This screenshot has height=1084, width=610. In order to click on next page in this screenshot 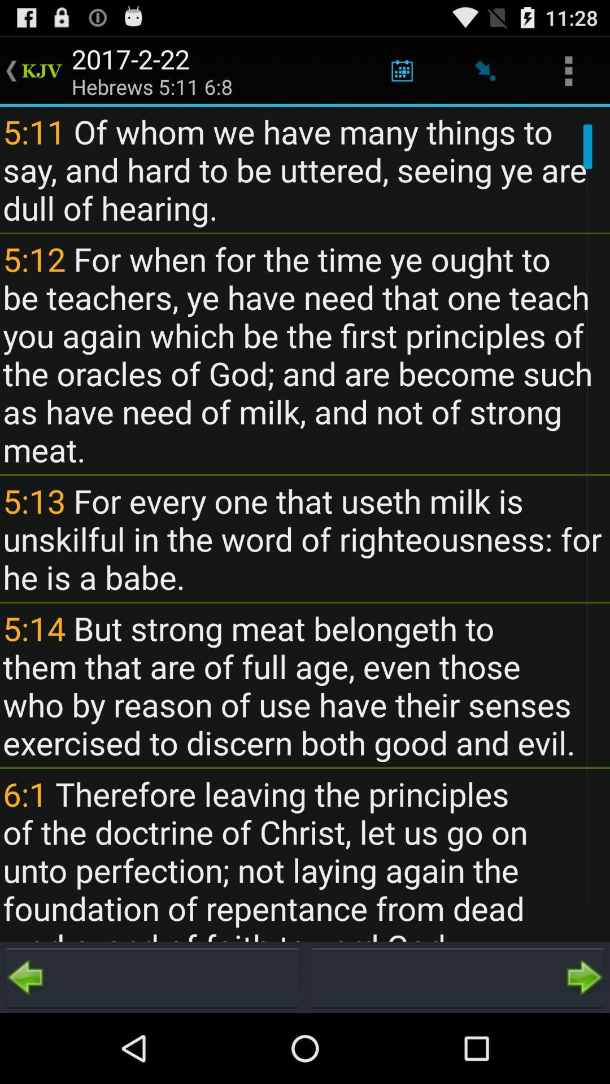, I will do `click(457, 977)`.